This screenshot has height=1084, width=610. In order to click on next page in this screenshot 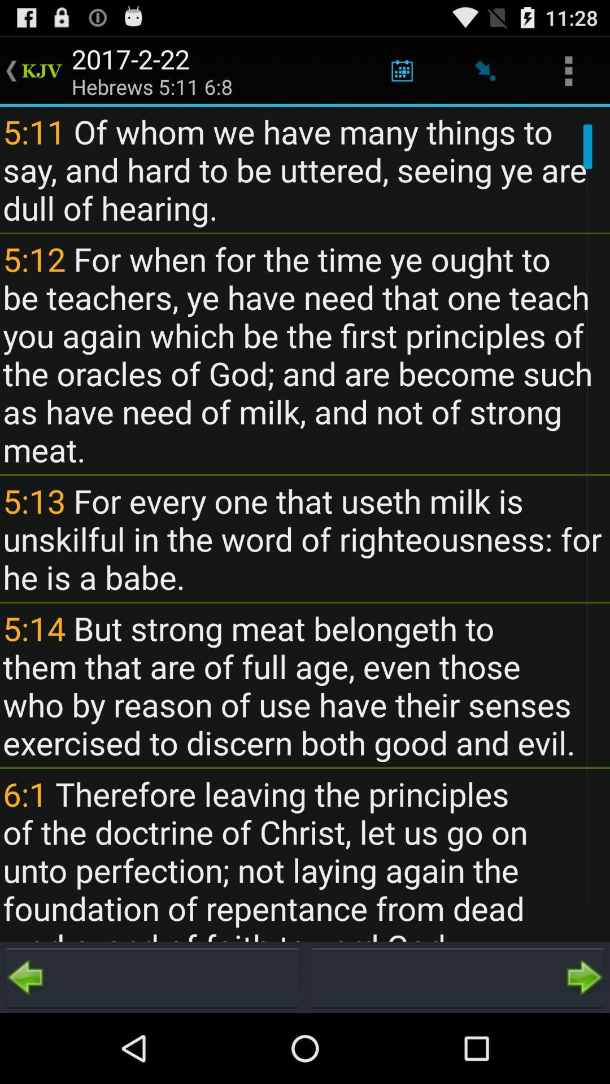, I will do `click(457, 977)`.